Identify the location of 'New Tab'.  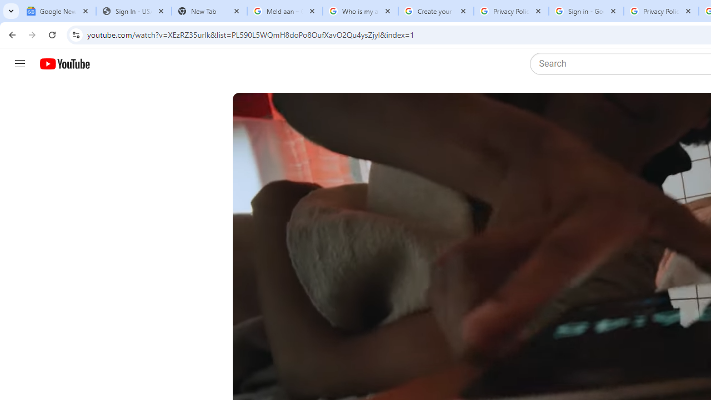
(209, 11).